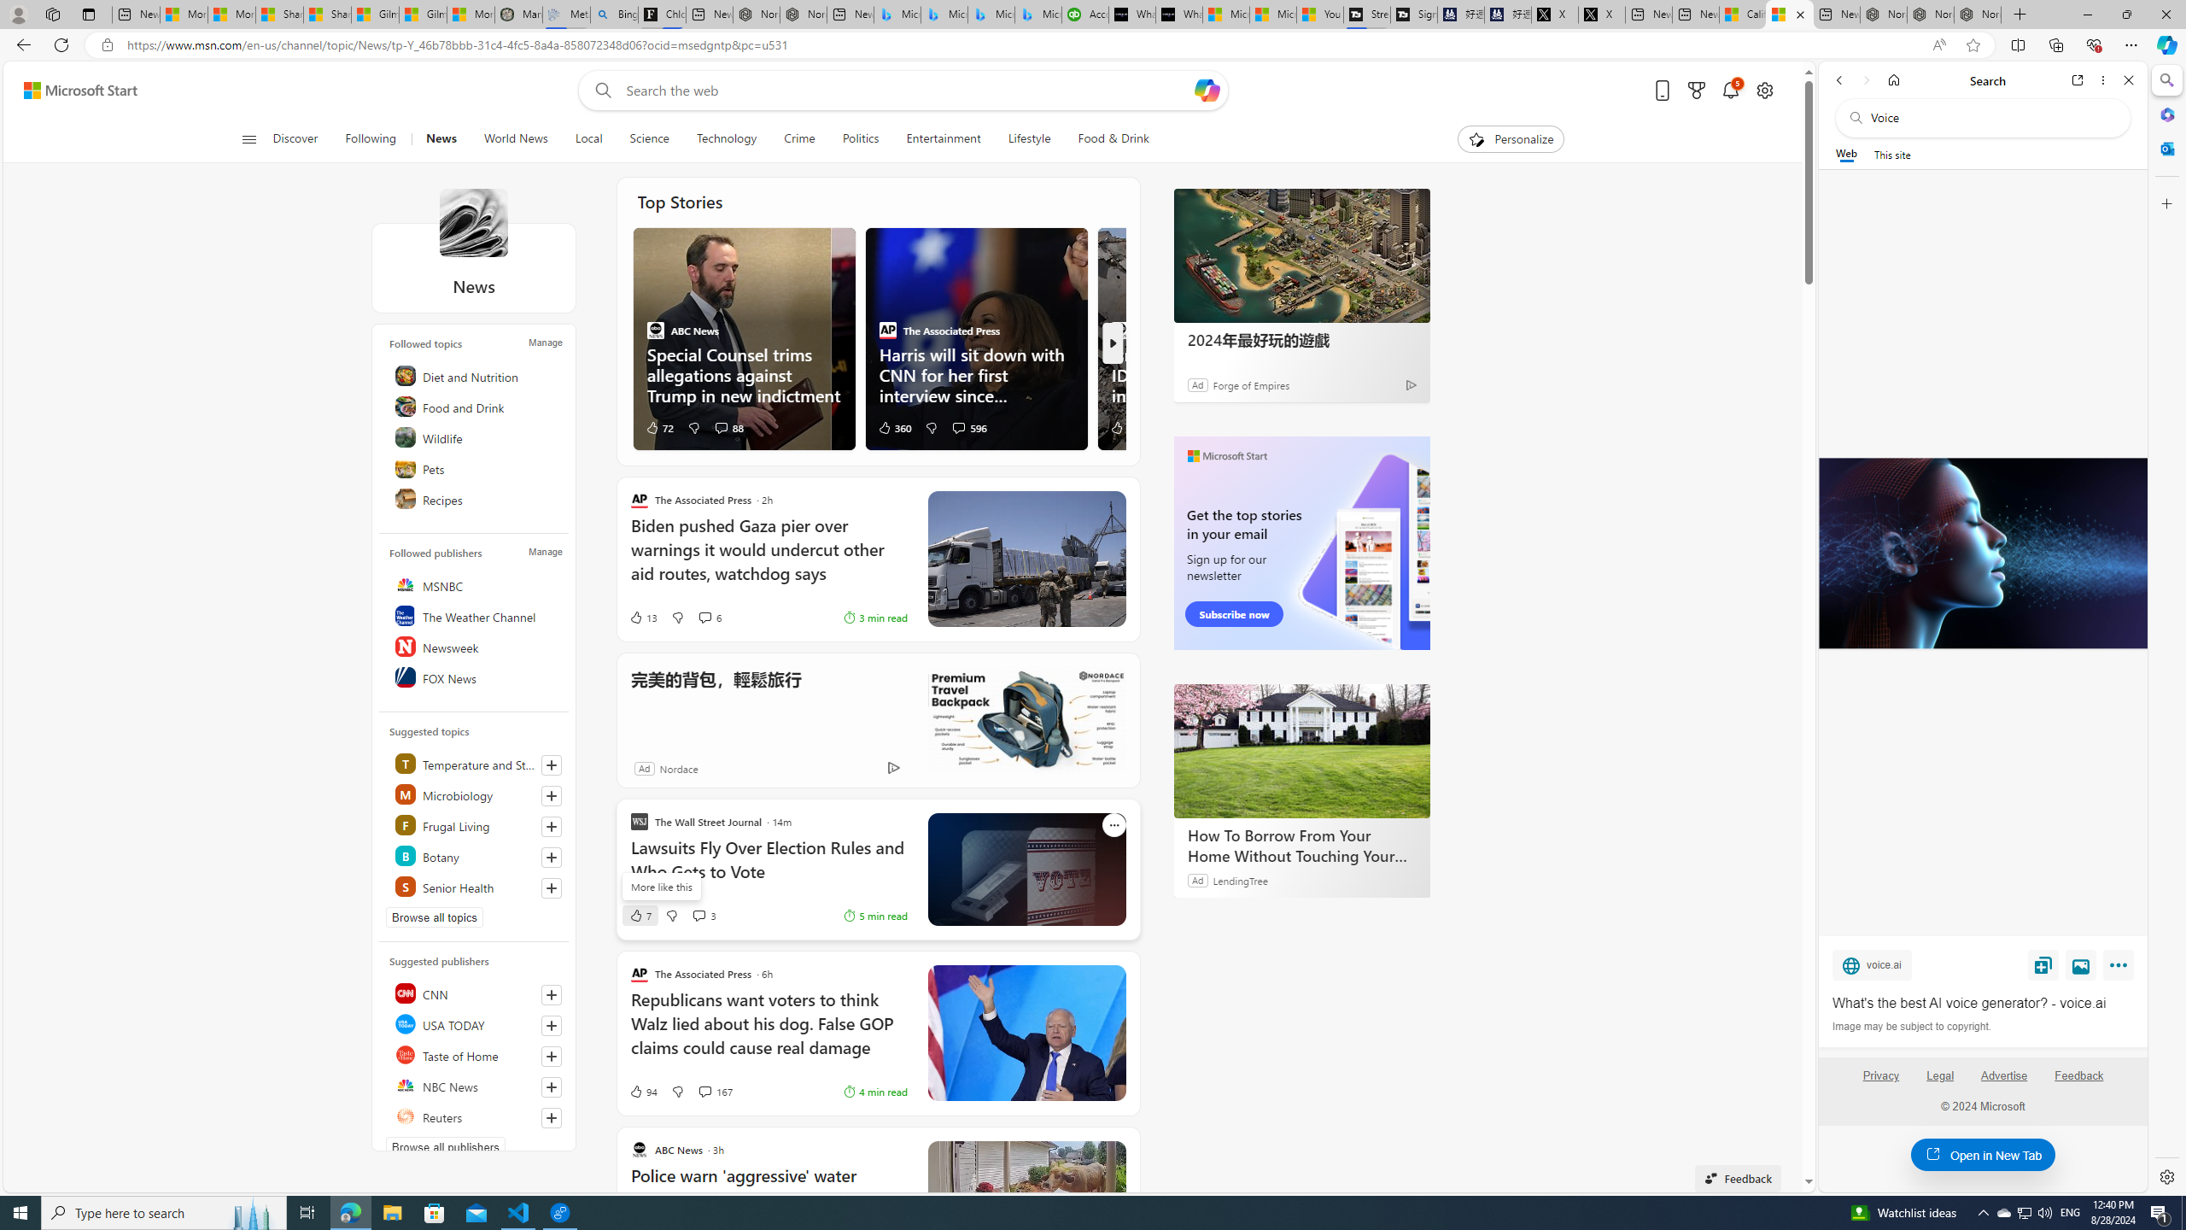  Describe the element at coordinates (2043, 964) in the screenshot. I see `'Save'` at that location.